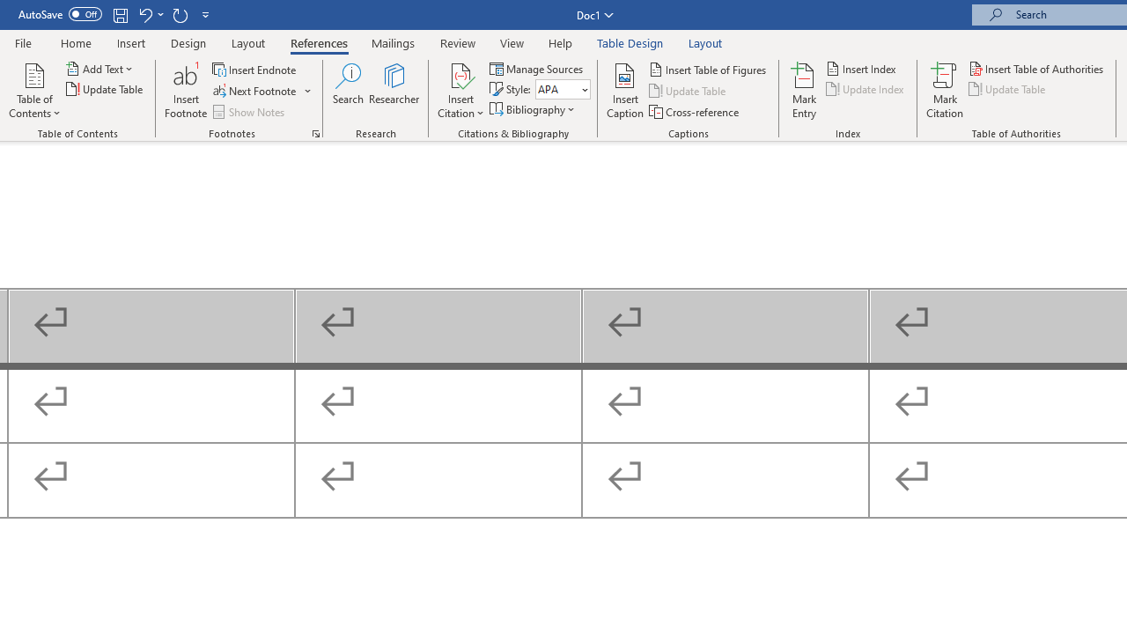 The width and height of the screenshot is (1127, 634). What do you see at coordinates (694, 112) in the screenshot?
I see `'Cross-reference...'` at bounding box center [694, 112].